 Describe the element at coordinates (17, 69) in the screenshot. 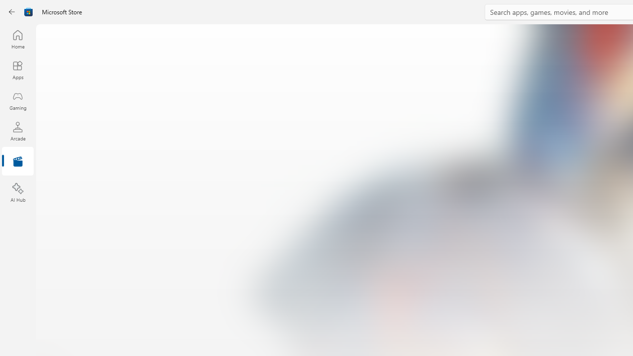

I see `'Apps'` at that location.